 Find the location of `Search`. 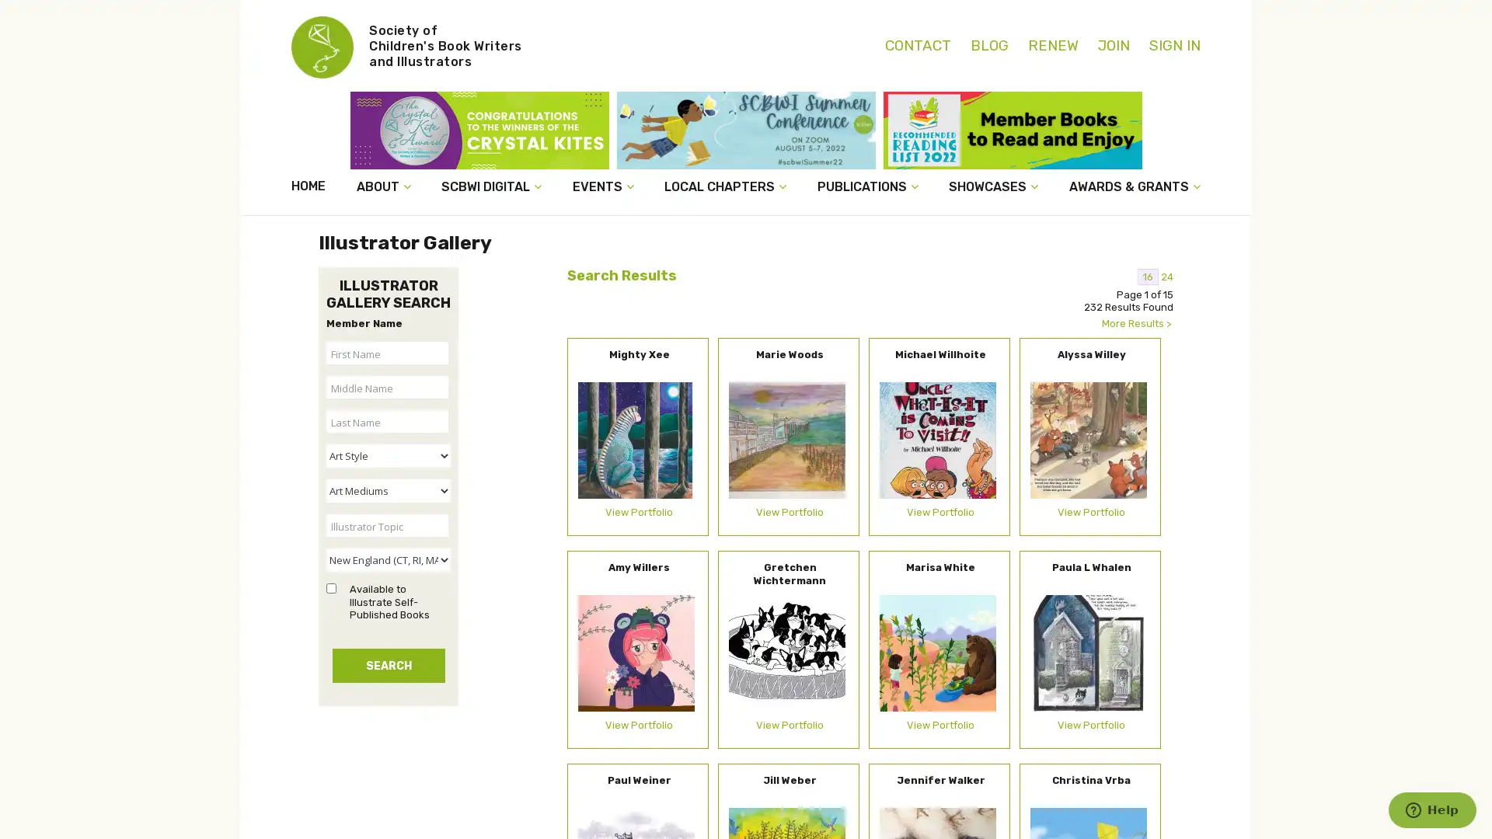

Search is located at coordinates (388, 664).